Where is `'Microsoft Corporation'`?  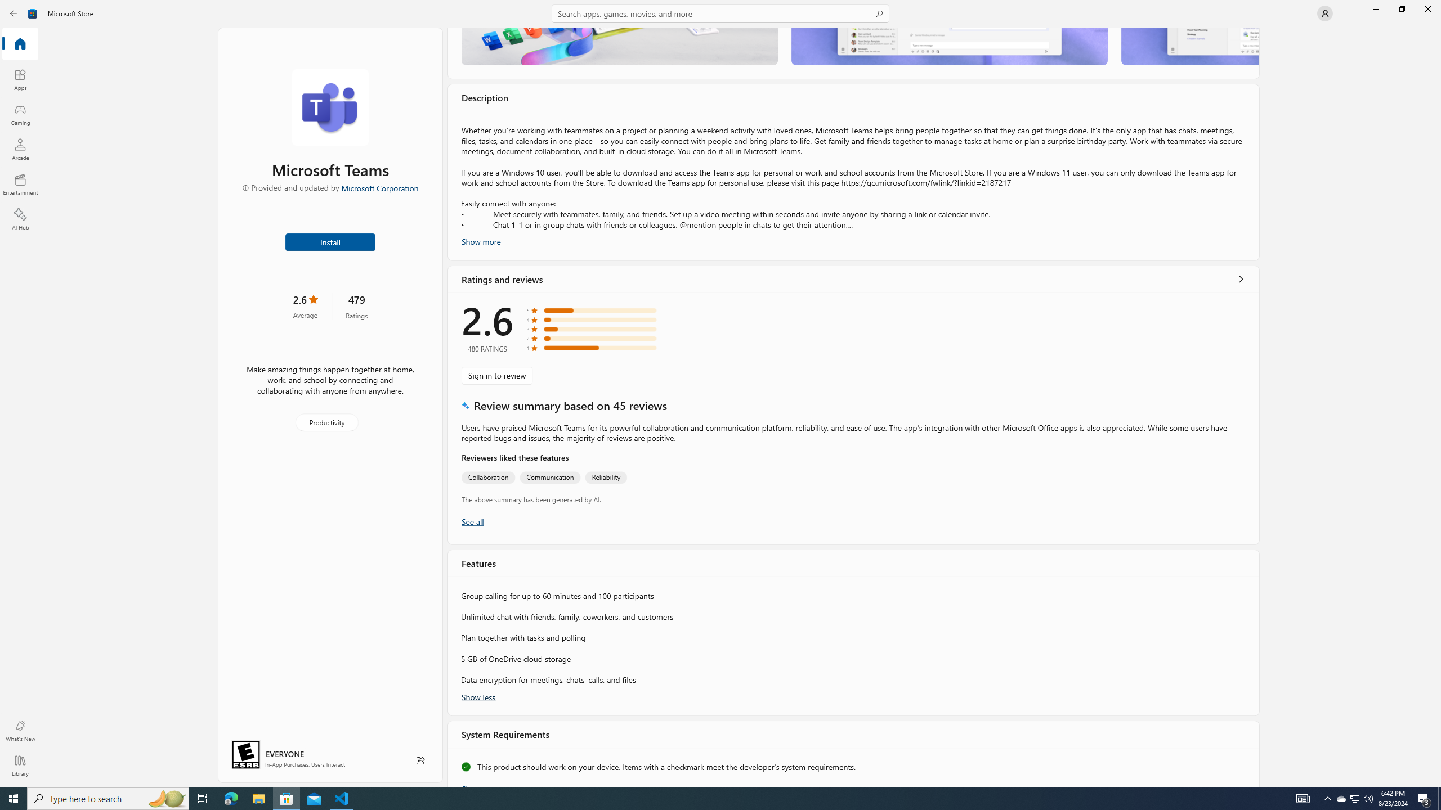
'Microsoft Corporation' is located at coordinates (379, 187).